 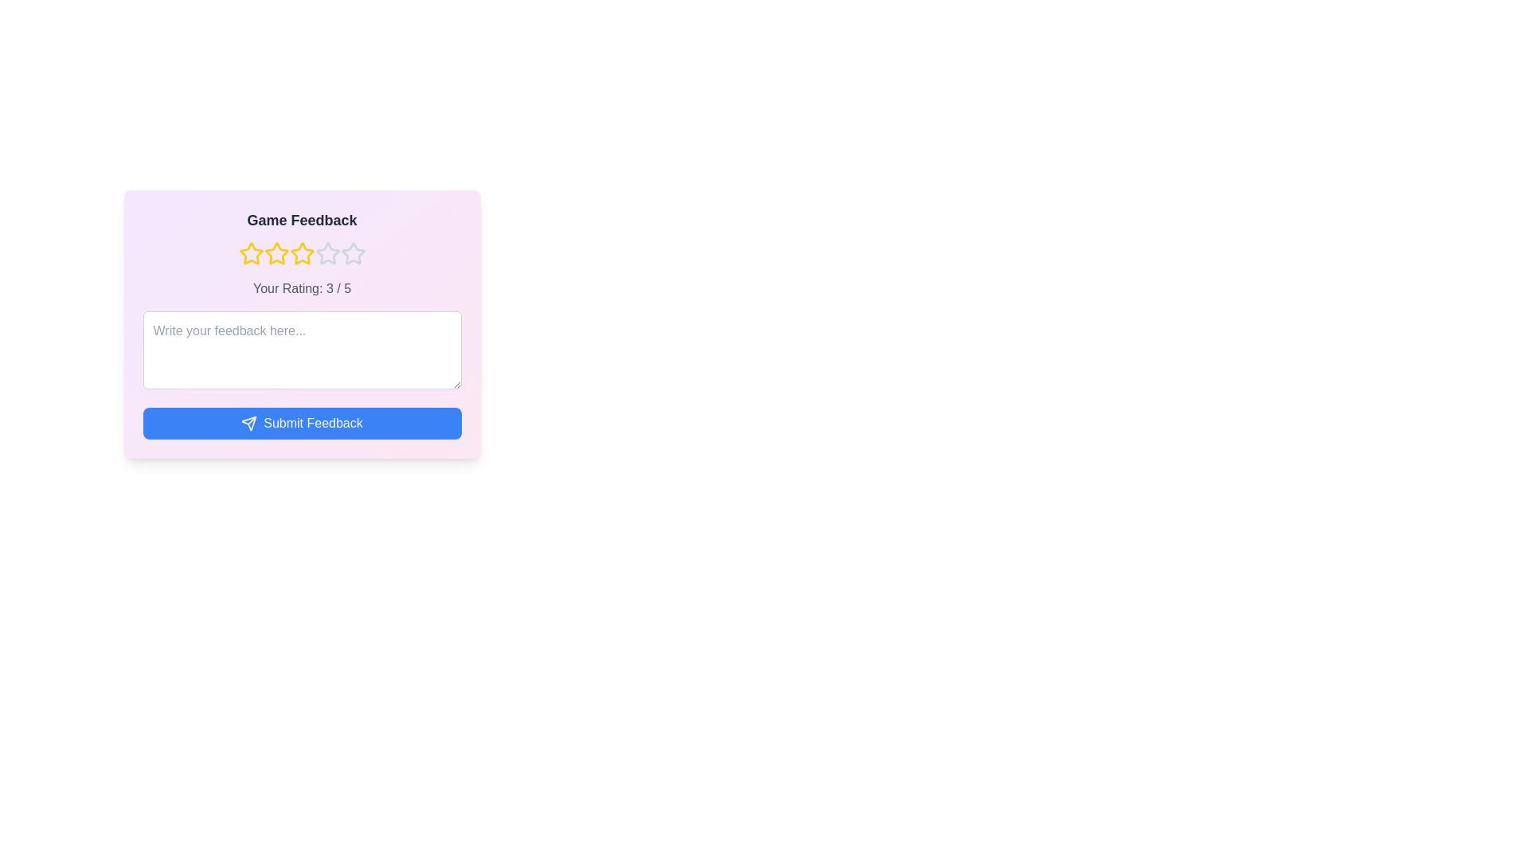 What do you see at coordinates (302, 423) in the screenshot?
I see `the 'Submit Feedback' button` at bounding box center [302, 423].